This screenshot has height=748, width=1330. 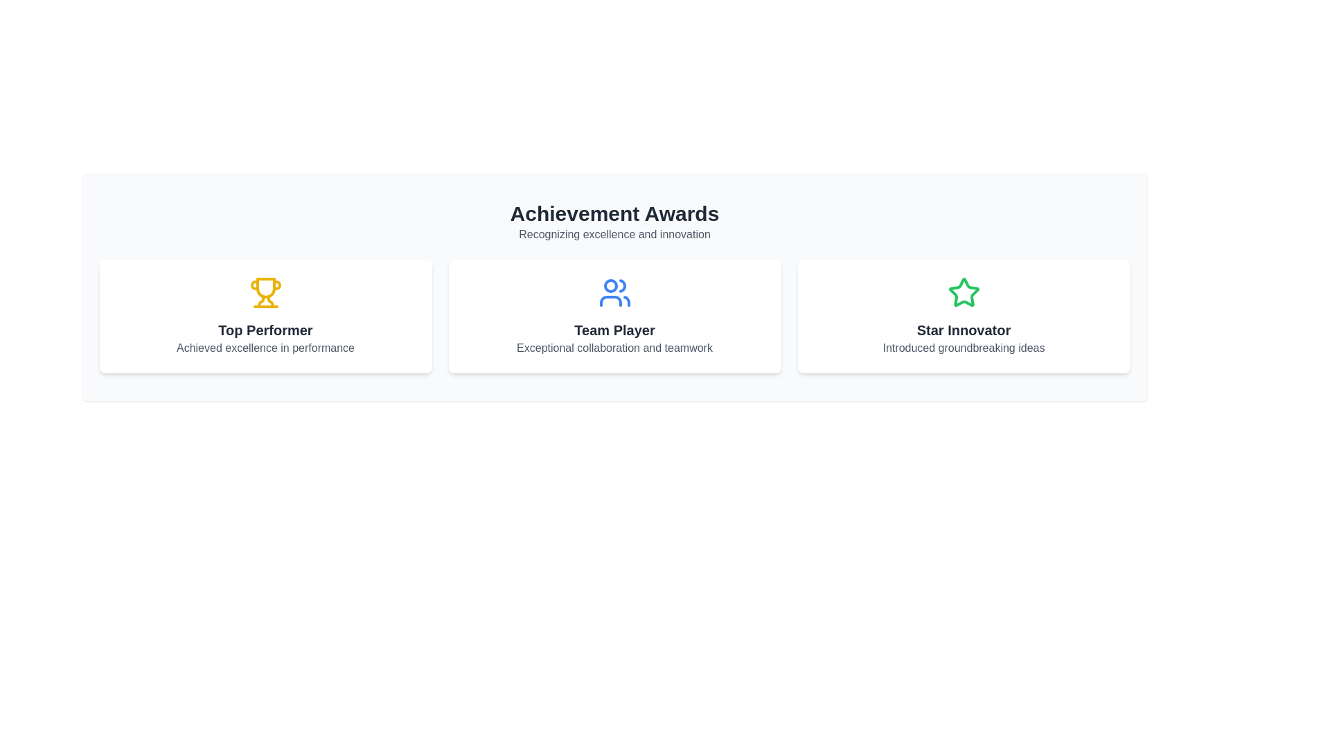 I want to click on the 'Star Innovator' award card, which is the third card in a group of three horizontally-aligned cards, so click(x=963, y=316).